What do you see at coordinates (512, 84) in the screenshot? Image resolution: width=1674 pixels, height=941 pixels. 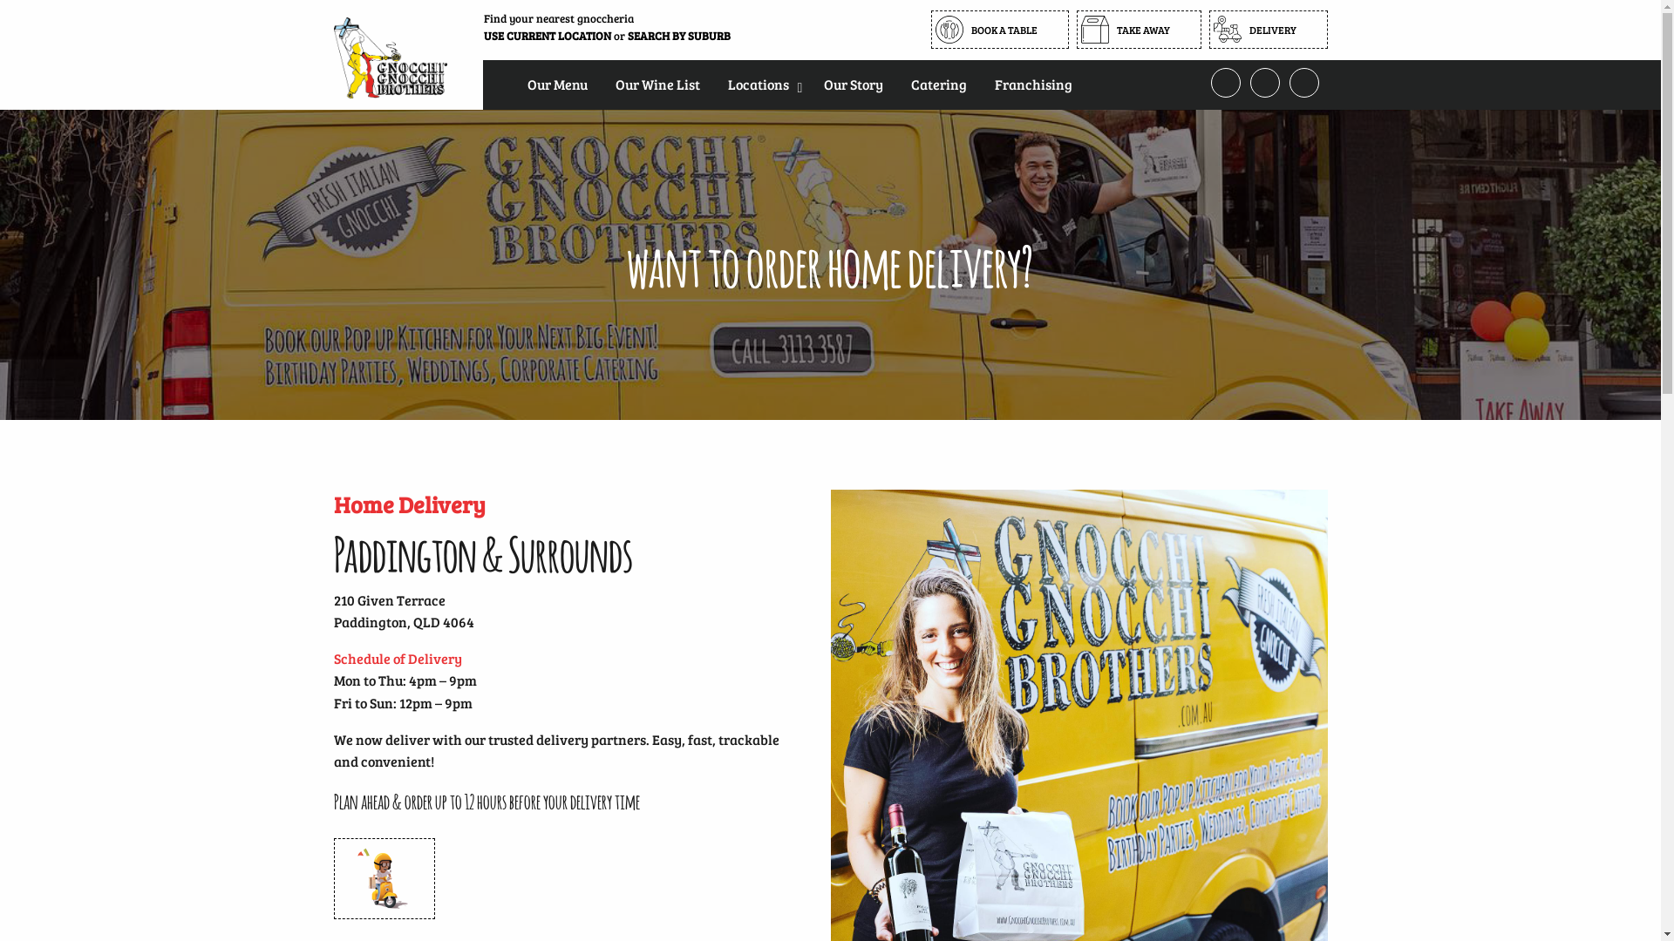 I see `'Our Menu'` at bounding box center [512, 84].